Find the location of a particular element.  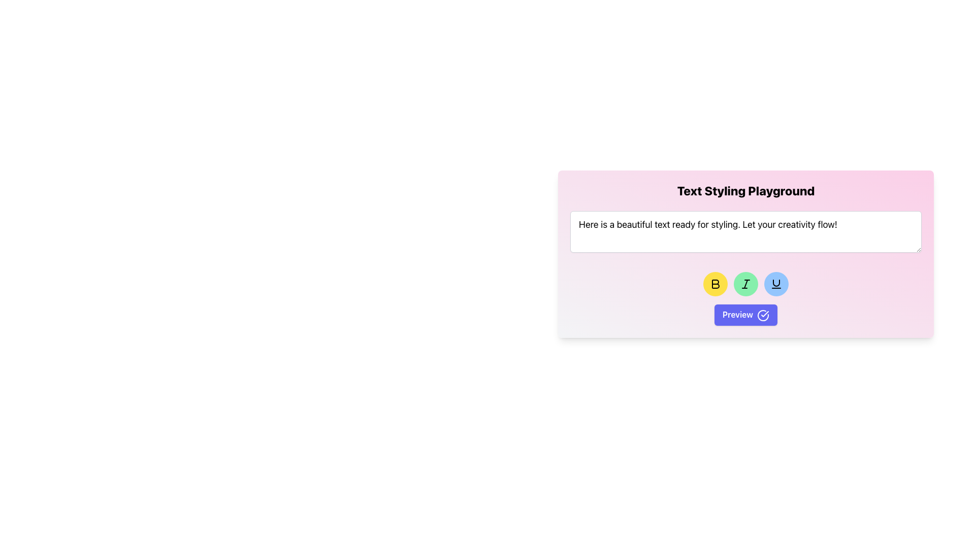

the rectangular text box displaying 'Here is a beautiful text ready for styling. Let your creativity flow!' is located at coordinates (745, 231).